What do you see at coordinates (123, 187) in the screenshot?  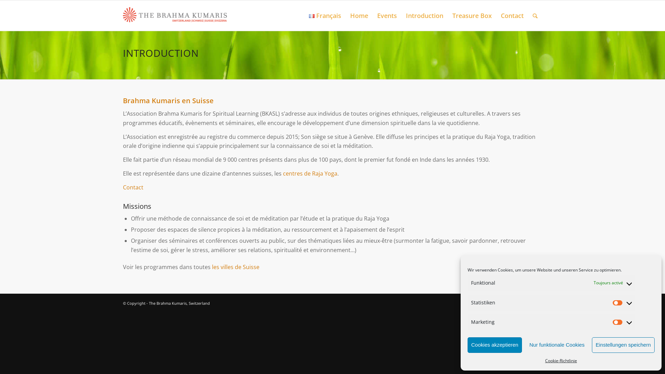 I see `'Contact'` at bounding box center [123, 187].